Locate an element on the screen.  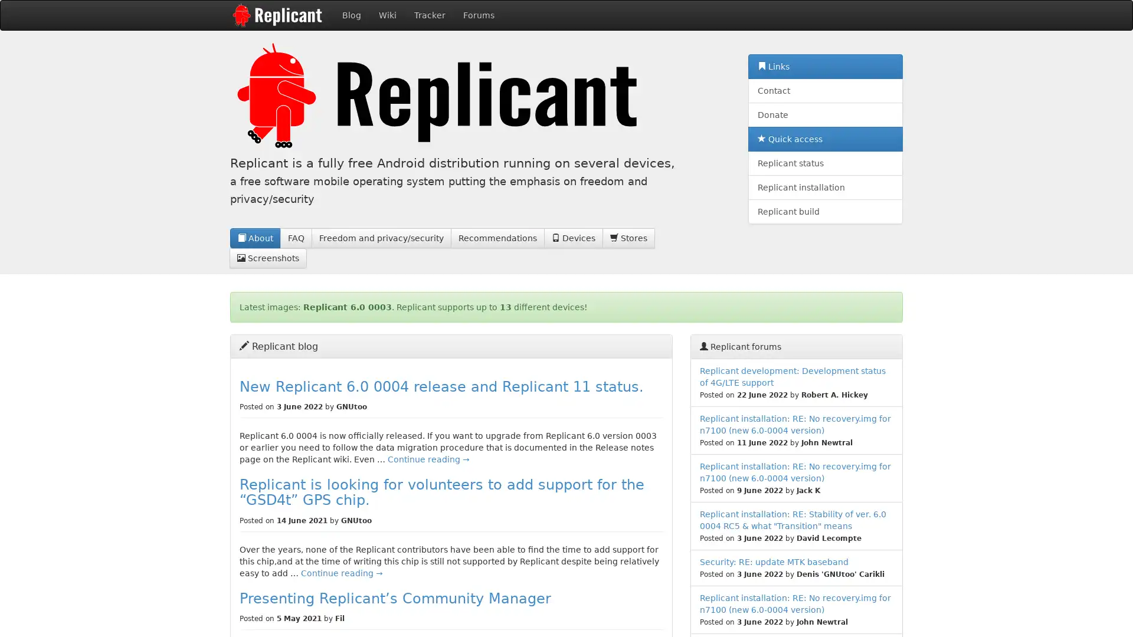
Devices is located at coordinates (574, 238).